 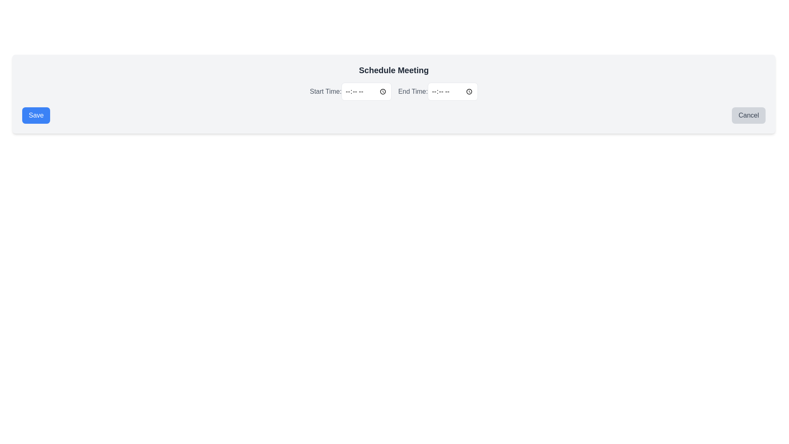 I want to click on the label indicating the starting time, which is positioned to the left of the 'End Time:' input element, so click(x=325, y=91).